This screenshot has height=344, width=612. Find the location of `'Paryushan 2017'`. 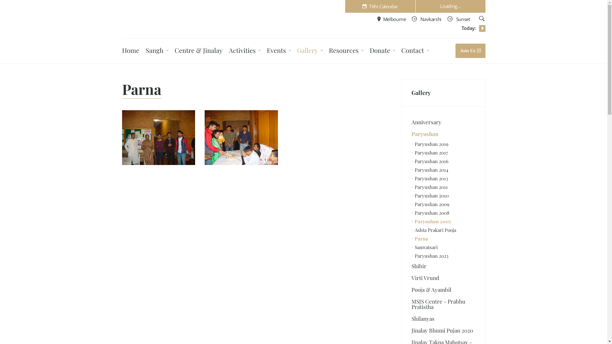

'Paryushan 2017' is located at coordinates (443, 153).